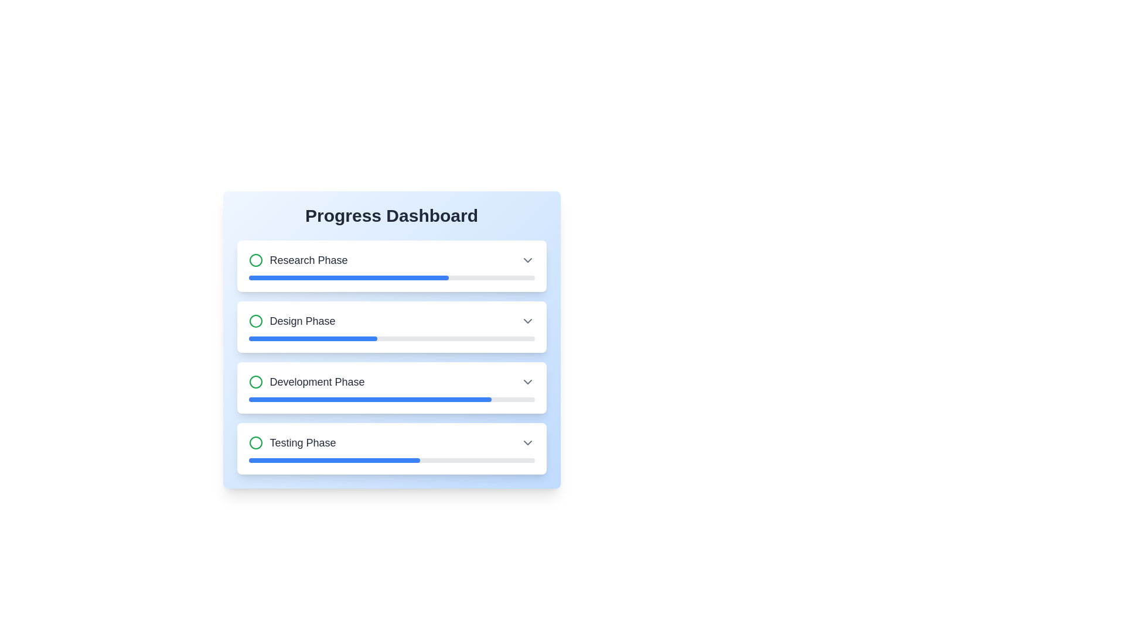 The image size is (1125, 632). What do you see at coordinates (391, 356) in the screenshot?
I see `the third progress list item in the 'Progress Dashboard'` at bounding box center [391, 356].